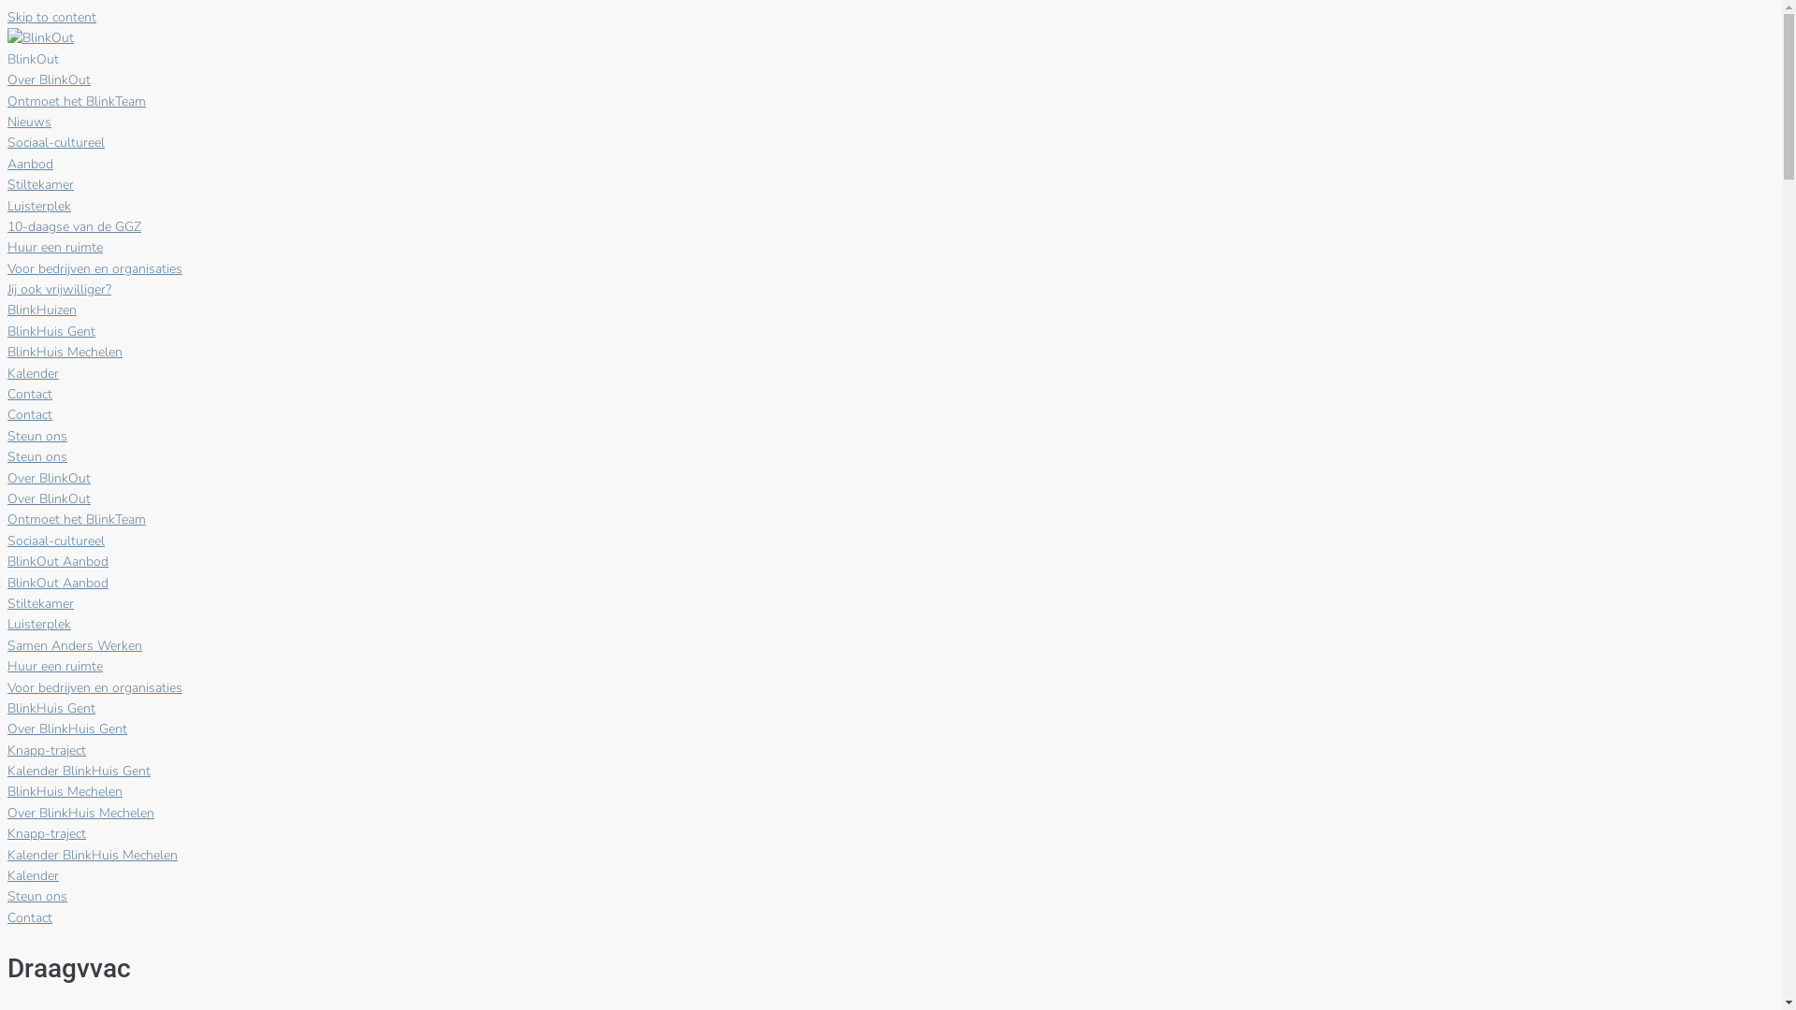 This screenshot has width=1796, height=1010. I want to click on 'Over BlinkHuis Mechelen', so click(80, 812).